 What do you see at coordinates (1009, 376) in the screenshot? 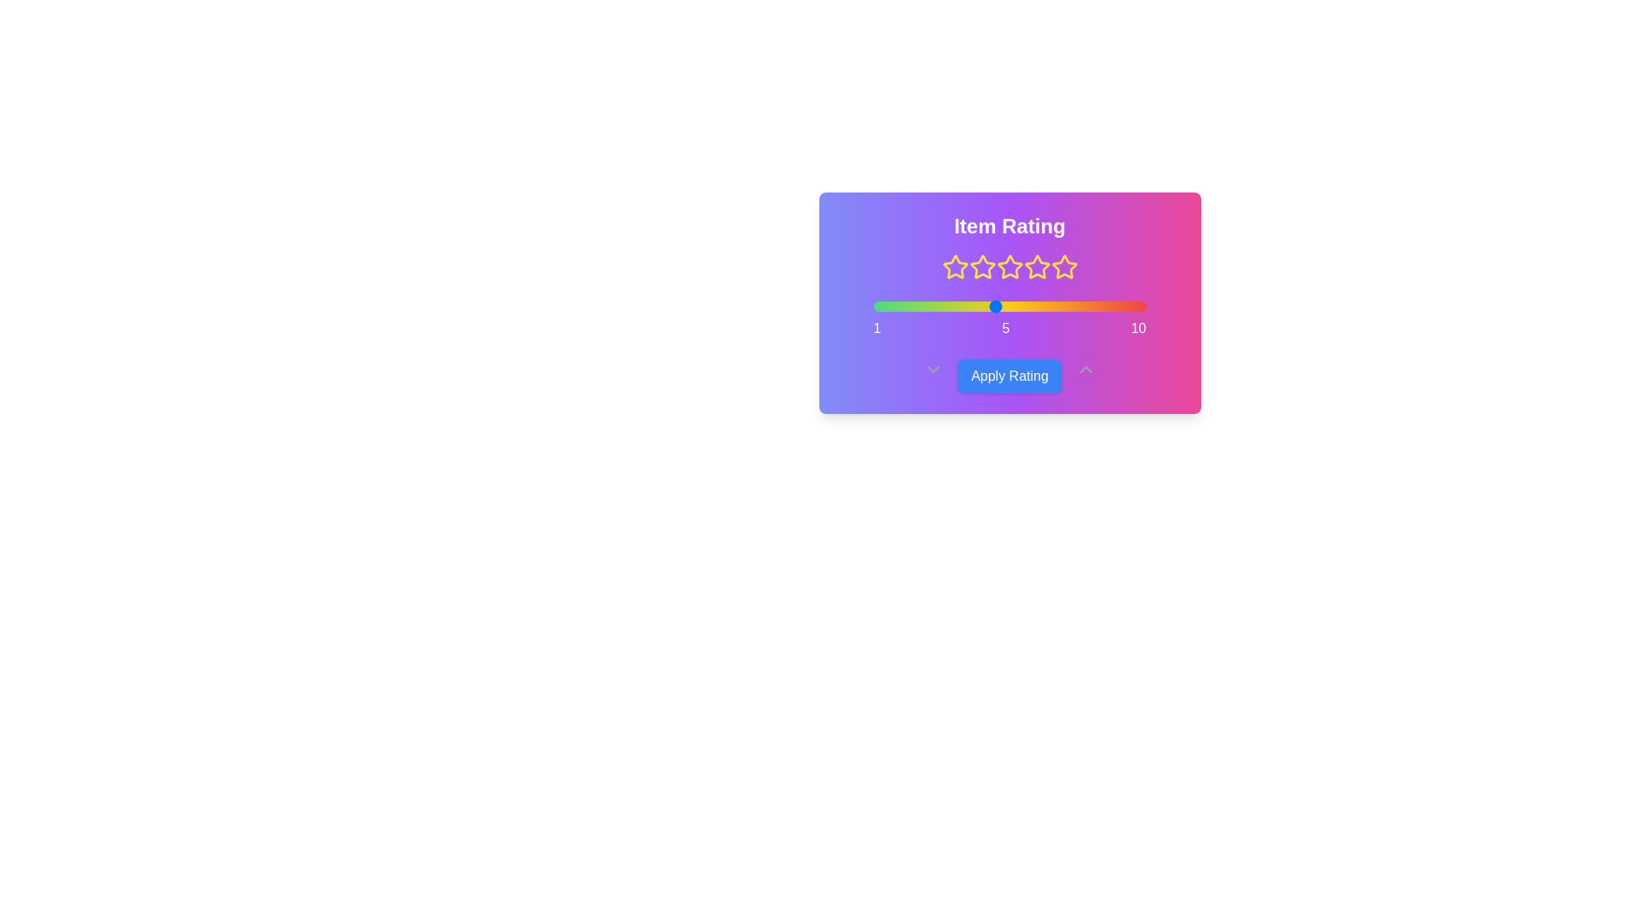
I see `the 'Apply Rating' button to submit the rating` at bounding box center [1009, 376].